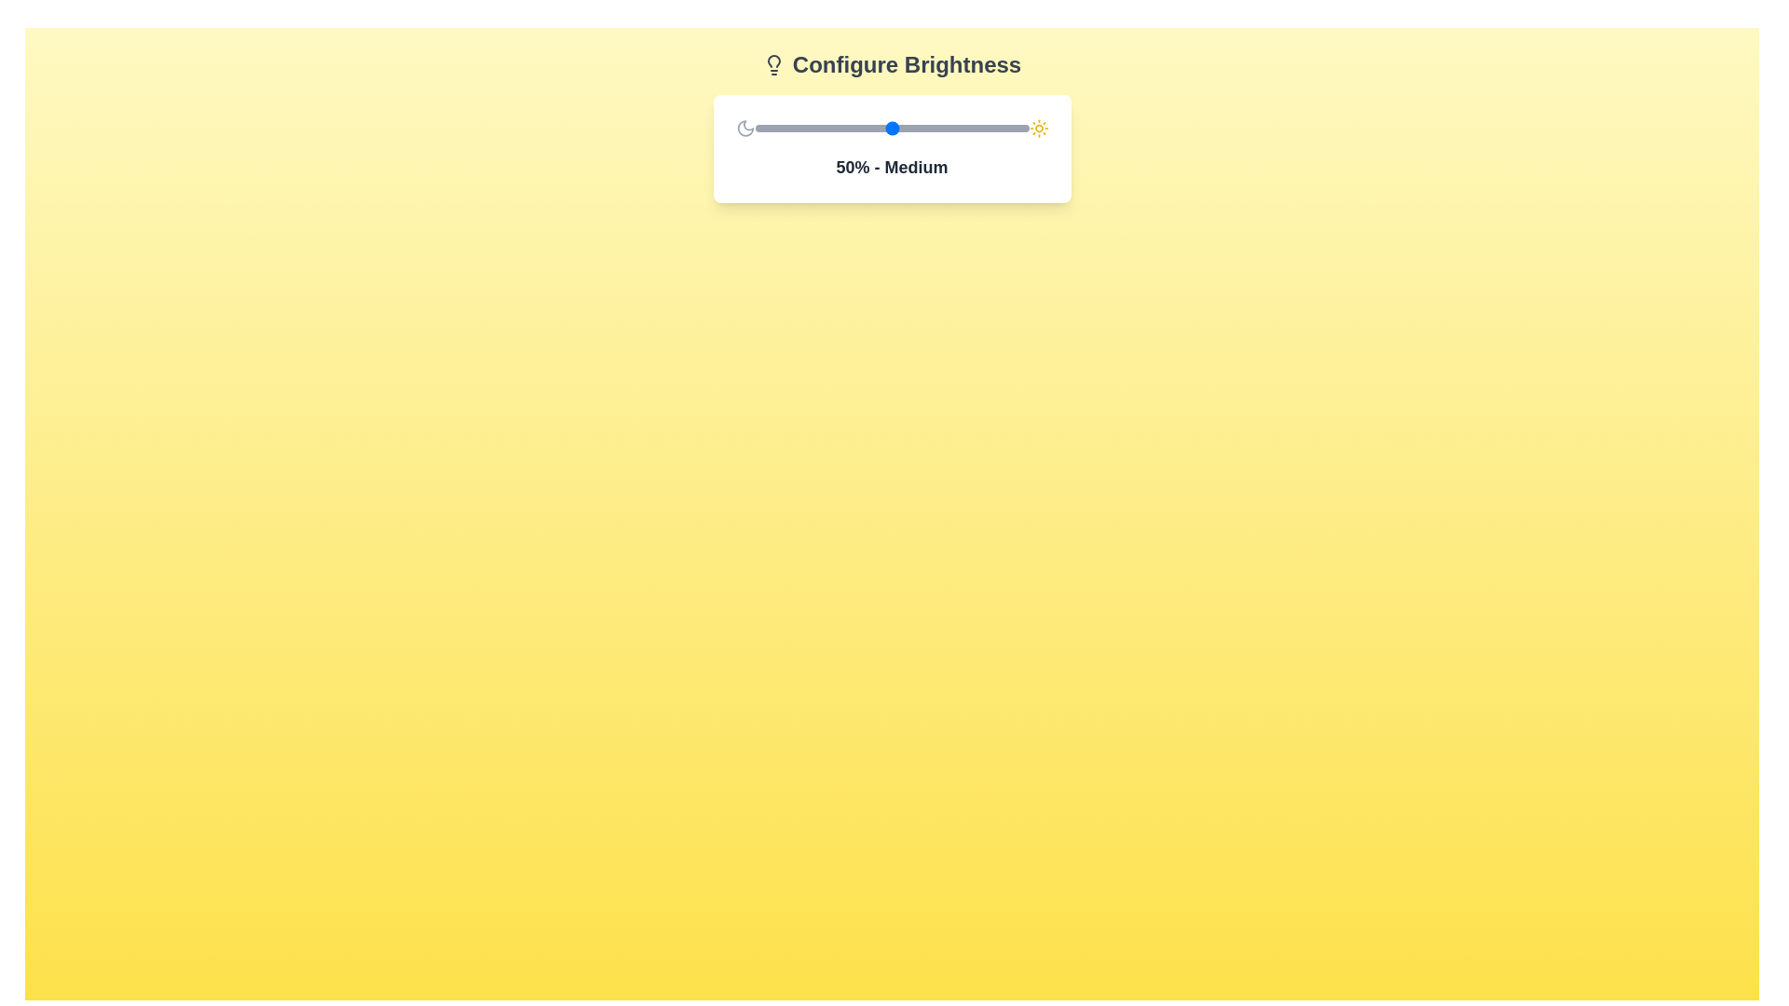  Describe the element at coordinates (835, 156) in the screenshot. I see `the brightness percentage text by clicking and dragging over it` at that location.